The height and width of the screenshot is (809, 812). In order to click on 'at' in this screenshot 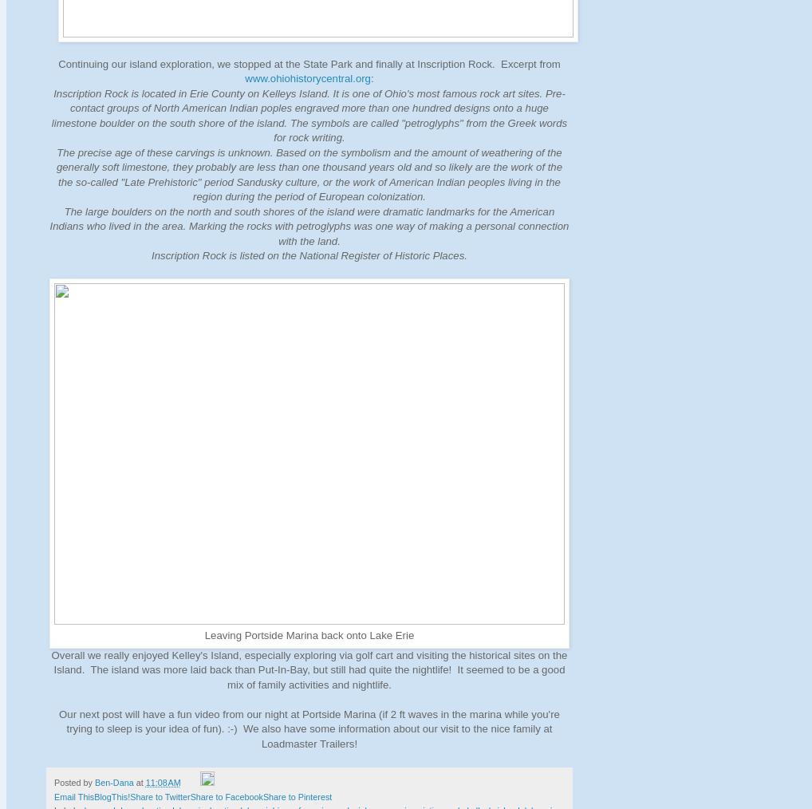, I will do `click(140, 783)`.